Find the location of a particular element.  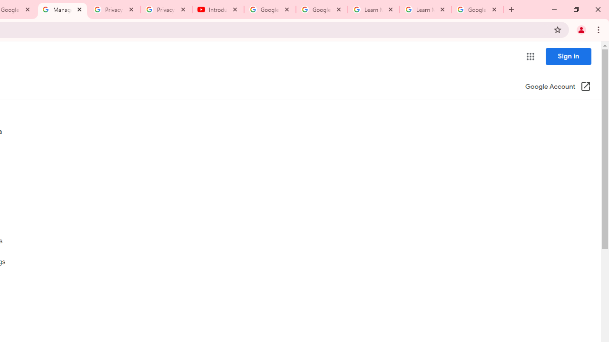

'Introduction | Google Privacy Policy - YouTube' is located at coordinates (217, 9).